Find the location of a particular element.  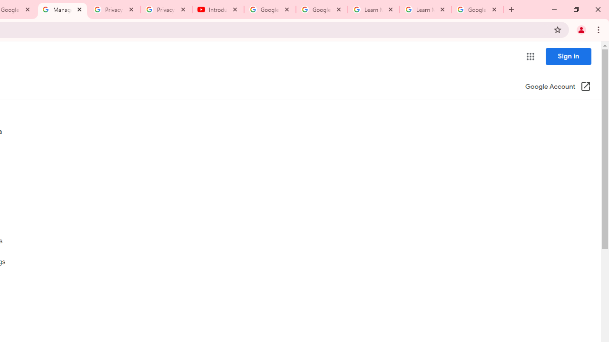

'Introduction | Google Privacy Policy - YouTube' is located at coordinates (217, 9).